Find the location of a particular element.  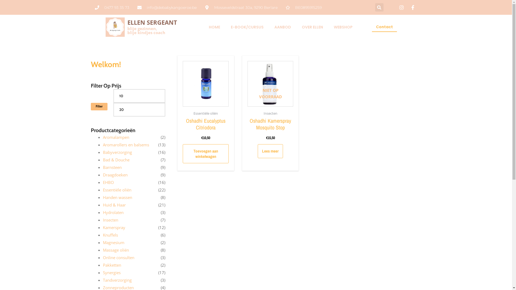

'Kamerspray' is located at coordinates (113, 227).